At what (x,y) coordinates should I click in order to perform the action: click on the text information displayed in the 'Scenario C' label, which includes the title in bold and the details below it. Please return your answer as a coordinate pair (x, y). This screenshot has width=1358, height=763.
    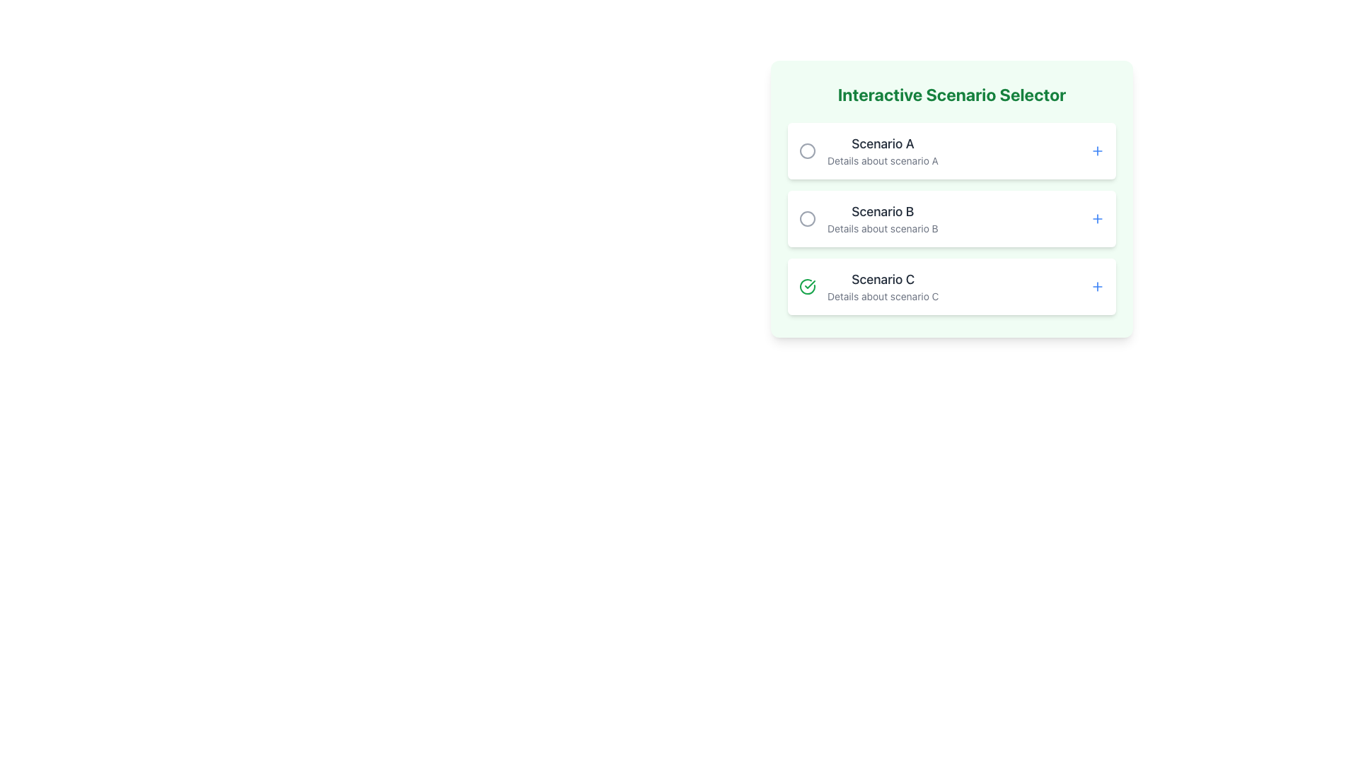
    Looking at the image, I should click on (882, 286).